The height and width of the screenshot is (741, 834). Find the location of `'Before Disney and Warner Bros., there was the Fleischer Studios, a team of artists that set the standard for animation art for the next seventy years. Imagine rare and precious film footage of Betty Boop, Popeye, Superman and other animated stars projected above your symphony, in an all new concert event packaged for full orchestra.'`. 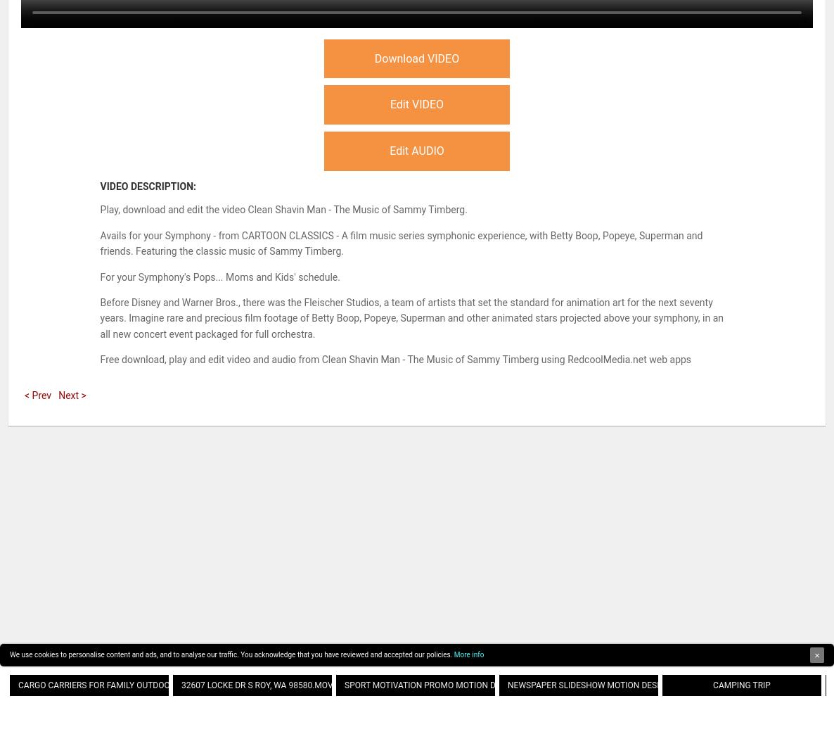

'Before Disney and Warner Bros., there was the Fleischer Studios, a team of artists that set the standard for animation art for the next seventy years. Imagine rare and precious film footage of Betty Boop, Popeye, Superman and other animated stars projected above your symphony, in an all new concert event packaged for full orchestra.' is located at coordinates (98, 317).